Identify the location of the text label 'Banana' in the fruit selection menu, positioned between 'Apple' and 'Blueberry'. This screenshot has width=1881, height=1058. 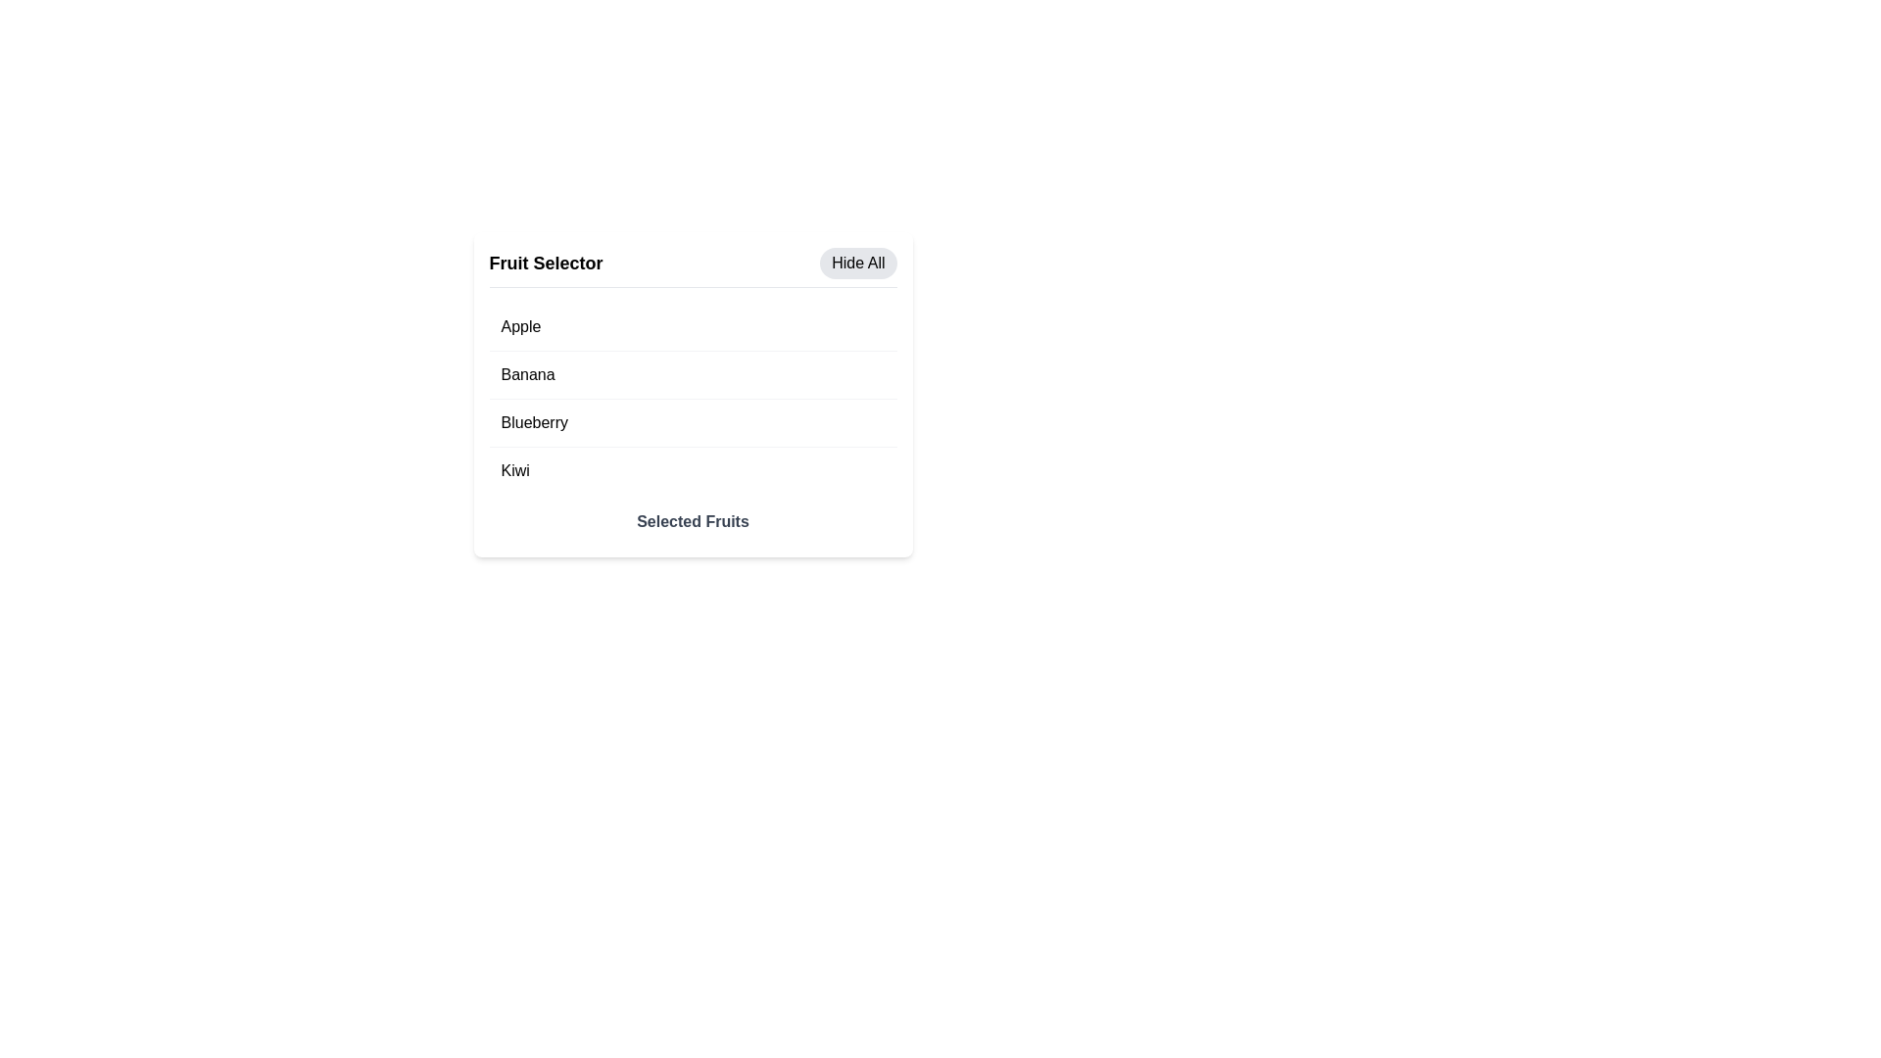
(528, 374).